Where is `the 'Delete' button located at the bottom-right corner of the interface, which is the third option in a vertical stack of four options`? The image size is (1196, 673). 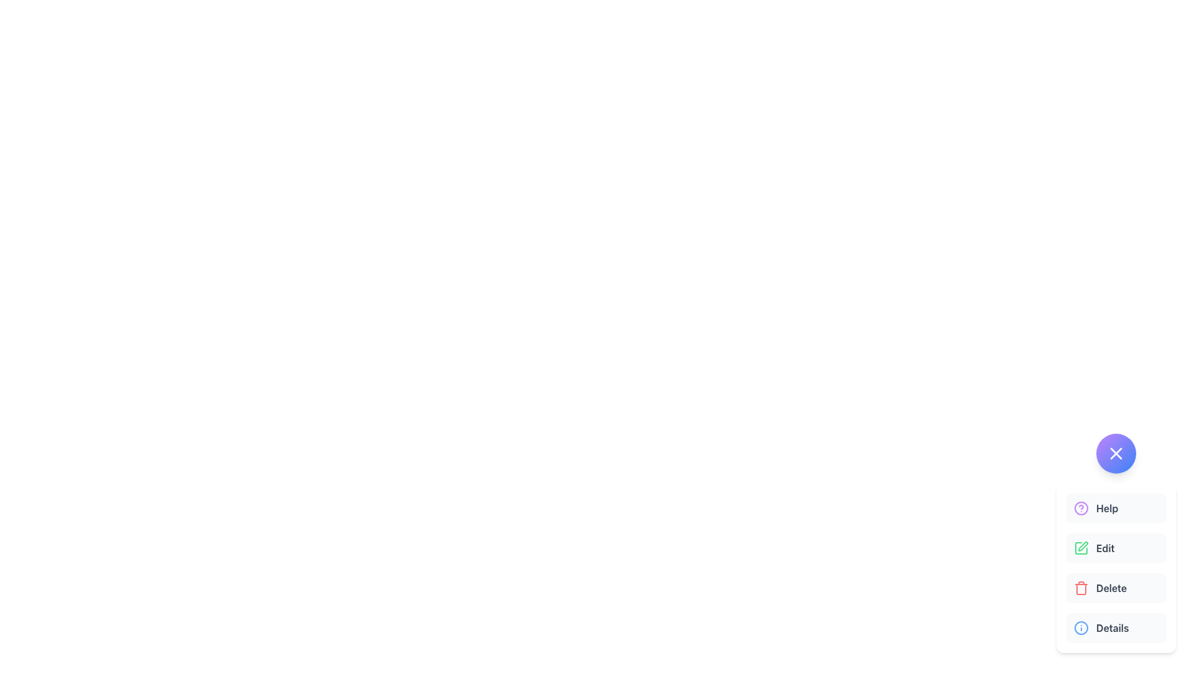 the 'Delete' button located at the bottom-right corner of the interface, which is the third option in a vertical stack of four options is located at coordinates (1116, 568).